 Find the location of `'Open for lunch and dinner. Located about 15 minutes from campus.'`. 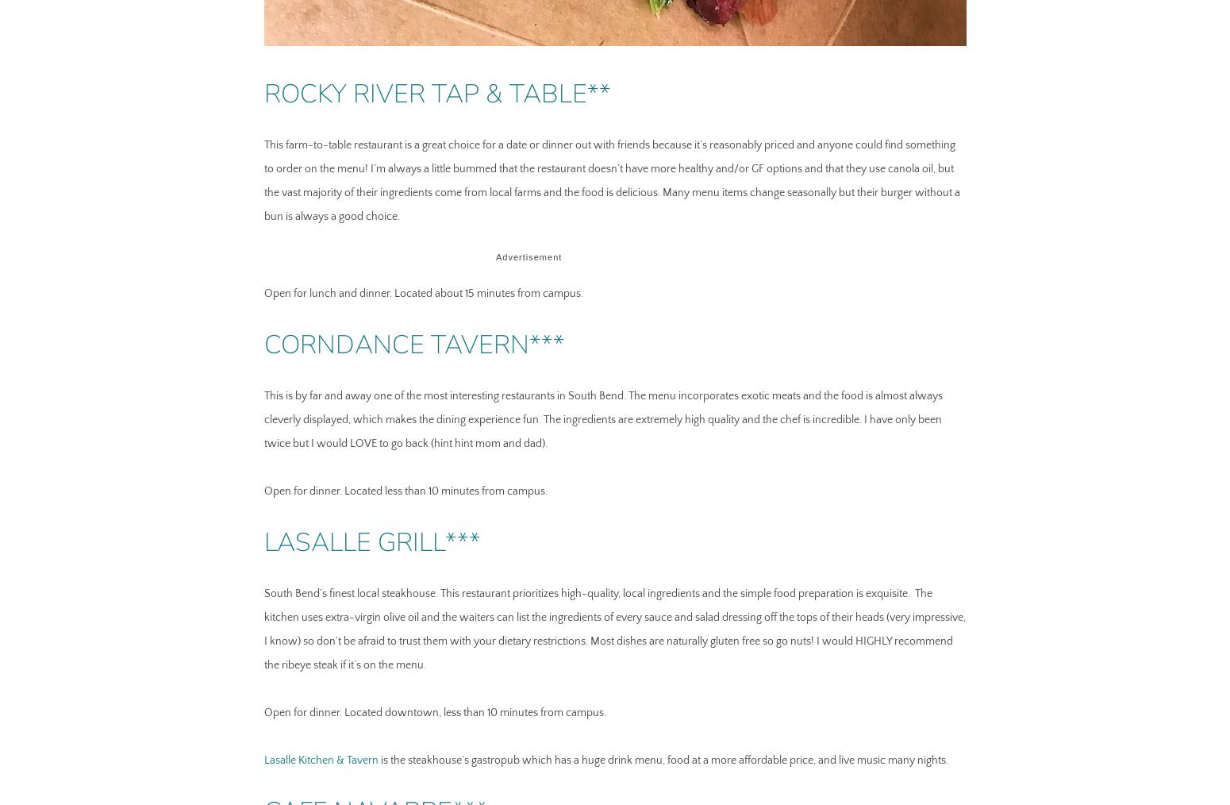

'Open for lunch and dinner. Located about 15 minutes from campus.' is located at coordinates (422, 291).